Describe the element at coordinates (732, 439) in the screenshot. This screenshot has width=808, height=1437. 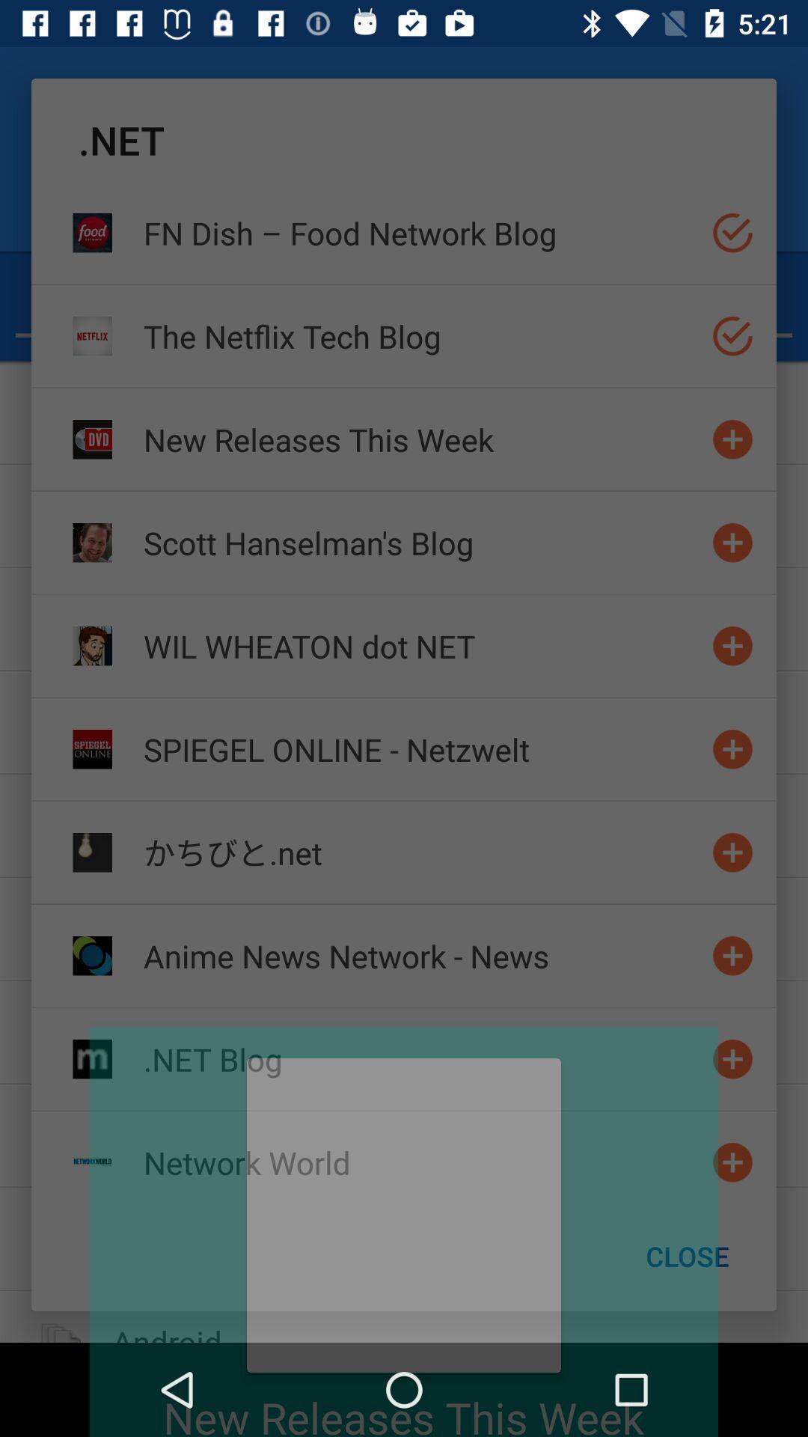
I see `new news source` at that location.